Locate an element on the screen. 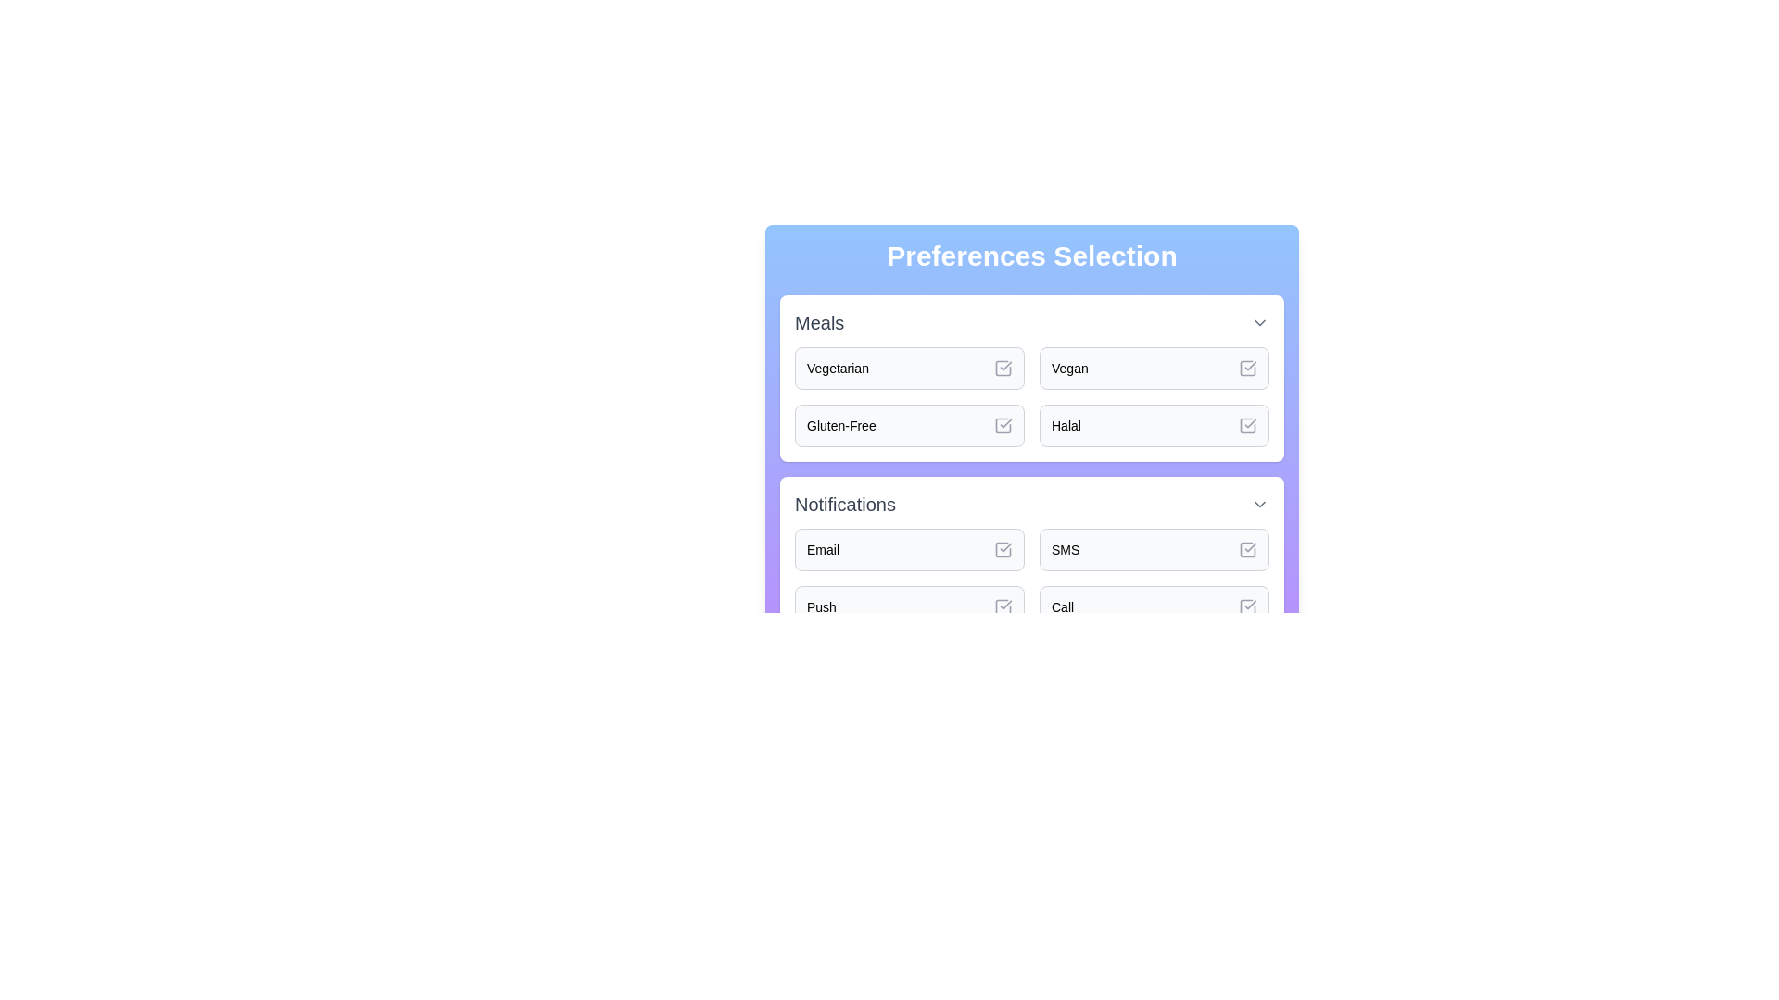  the 'Vegan' Text Label in the Meals preference section, located in the top row and second column, which helps users identify the vegan meal option is located at coordinates (1069, 368).